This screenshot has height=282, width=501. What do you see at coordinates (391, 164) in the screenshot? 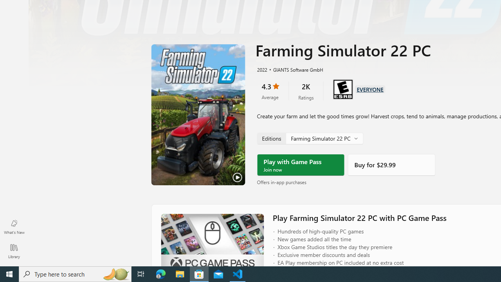
I see `'Buy'` at bounding box center [391, 164].